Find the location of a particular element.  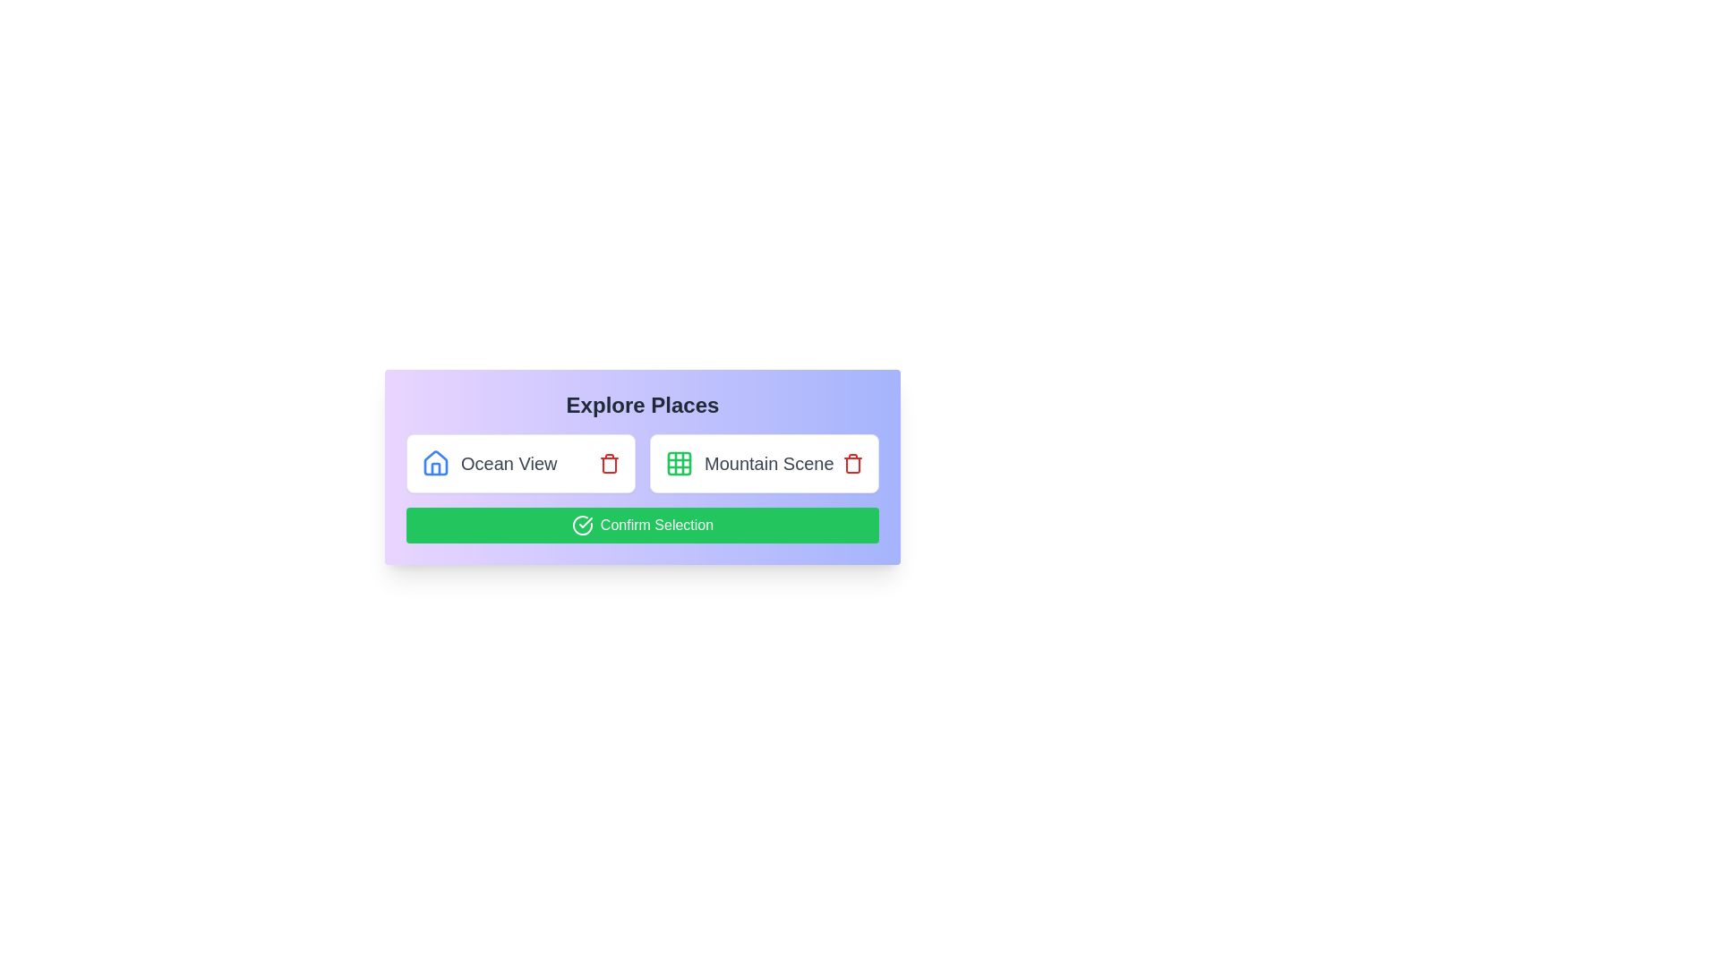

the square green icon featuring a grid pattern with nine cells located to the left of the text 'Mountain Scene' is located at coordinates (678, 462).